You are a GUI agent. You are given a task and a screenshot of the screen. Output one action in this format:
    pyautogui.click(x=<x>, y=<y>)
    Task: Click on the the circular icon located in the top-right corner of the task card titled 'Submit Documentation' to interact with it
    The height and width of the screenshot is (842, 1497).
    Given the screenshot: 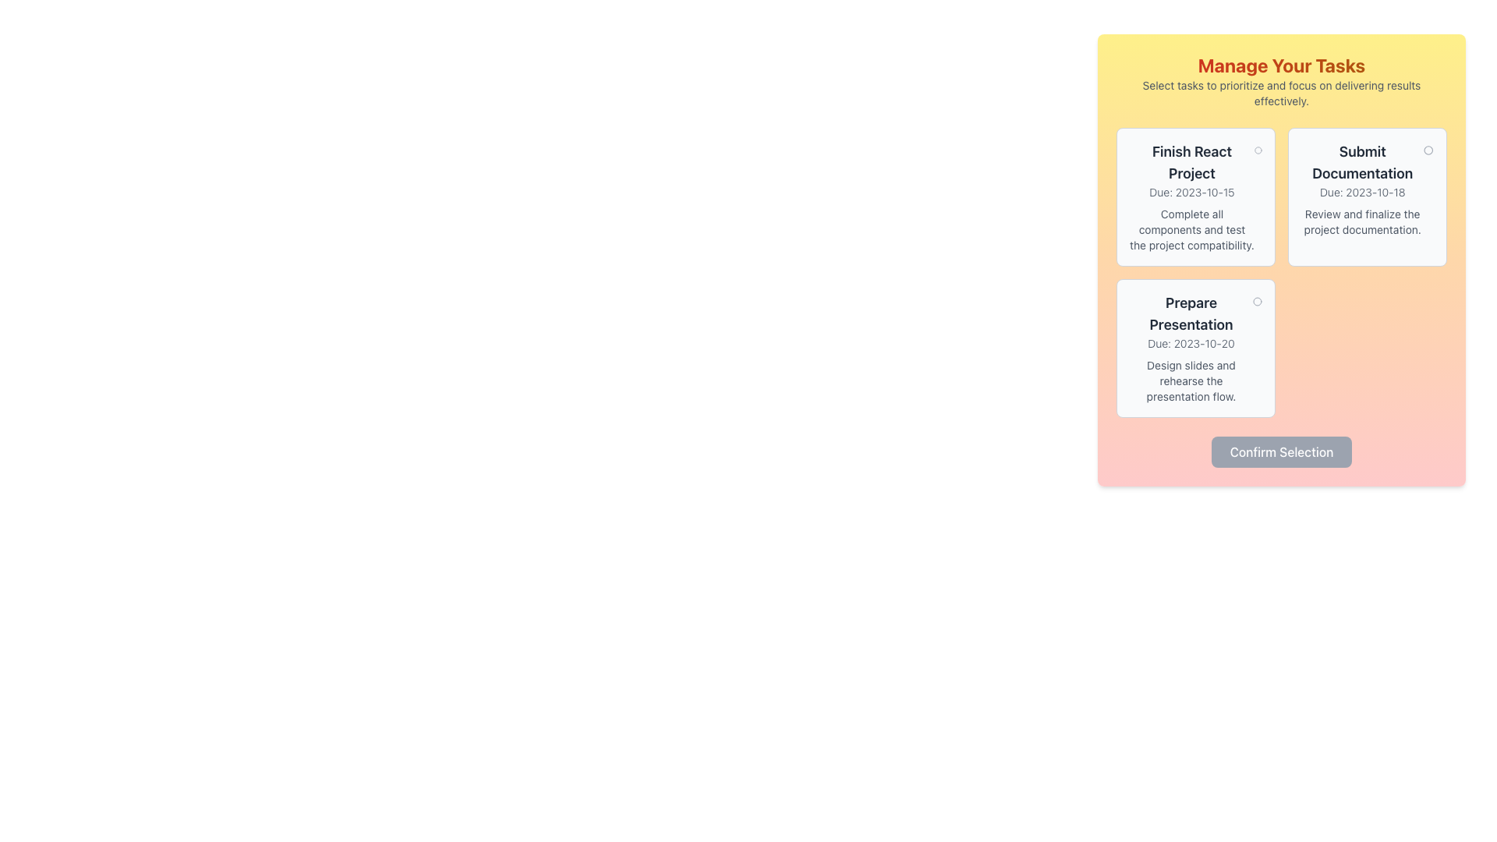 What is the action you would take?
    pyautogui.click(x=1428, y=150)
    